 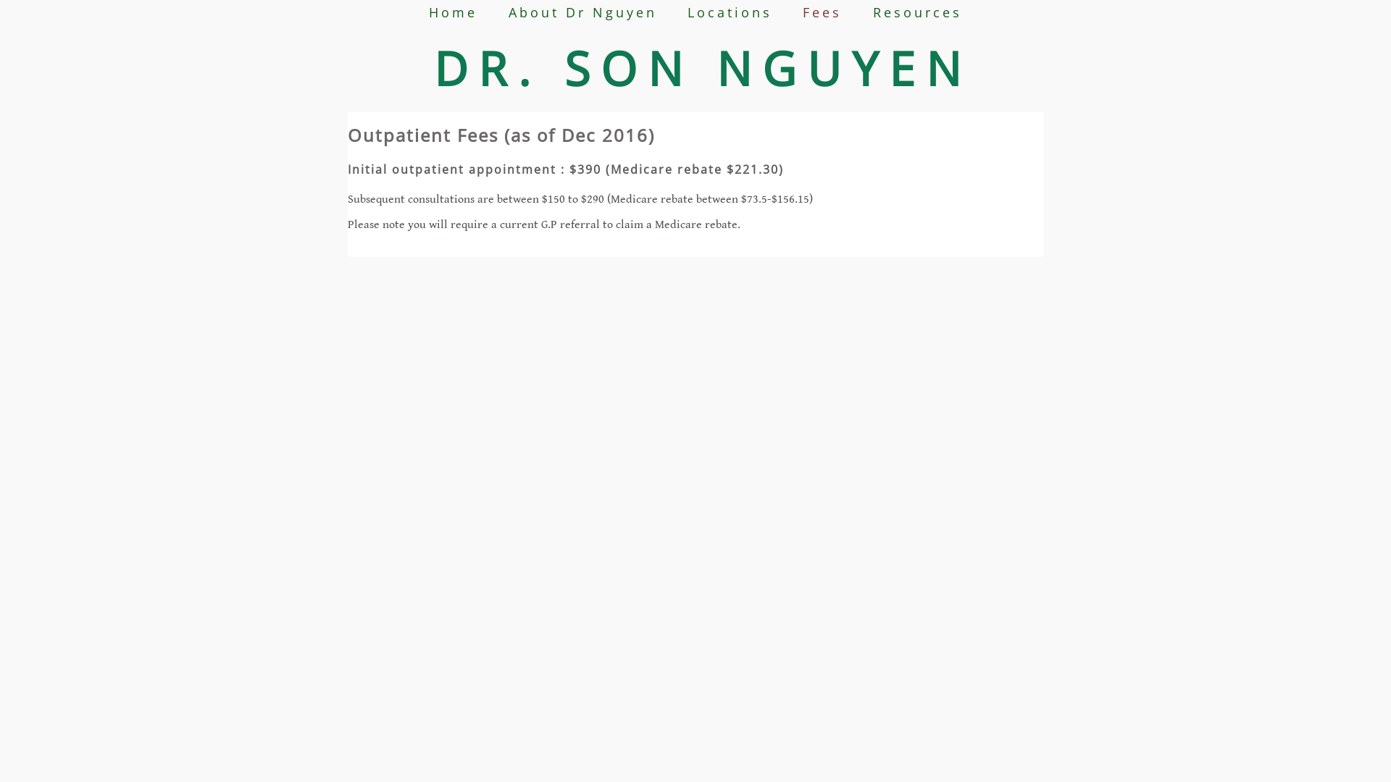 What do you see at coordinates (916, 12) in the screenshot?
I see `'Resources'` at bounding box center [916, 12].